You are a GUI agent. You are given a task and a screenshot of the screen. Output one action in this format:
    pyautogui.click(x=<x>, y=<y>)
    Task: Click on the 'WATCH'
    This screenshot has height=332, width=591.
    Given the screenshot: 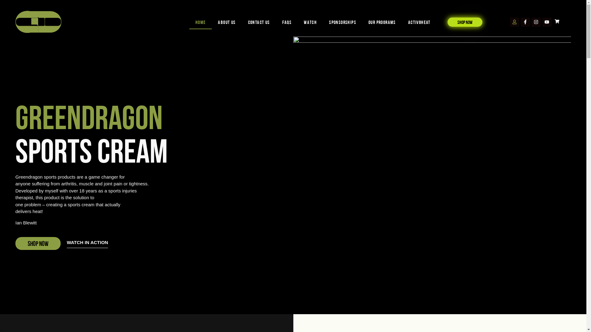 What is the action you would take?
    pyautogui.click(x=297, y=21)
    